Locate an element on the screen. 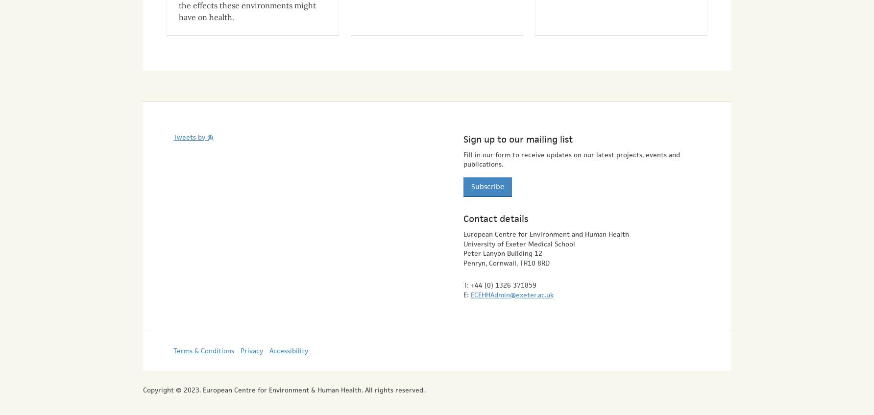 Image resolution: width=874 pixels, height=415 pixels. 'Accessibility' is located at coordinates (288, 341).